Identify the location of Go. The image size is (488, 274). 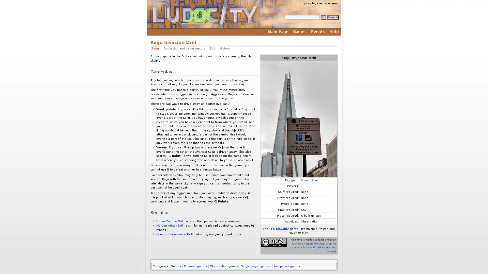
(323, 17).